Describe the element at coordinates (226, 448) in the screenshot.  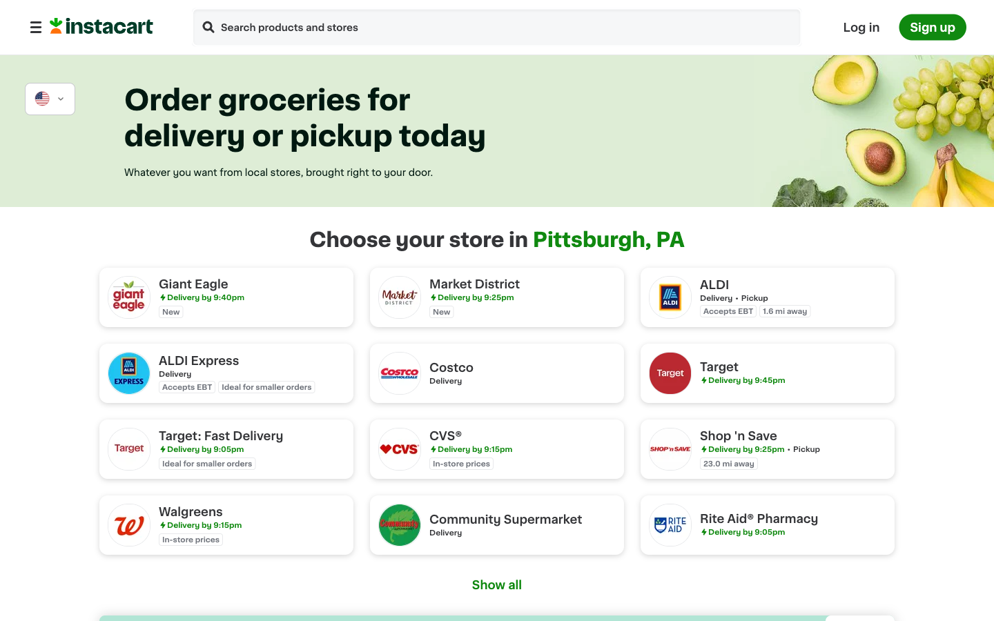
I see `Get fast delivery from Target Store` at that location.